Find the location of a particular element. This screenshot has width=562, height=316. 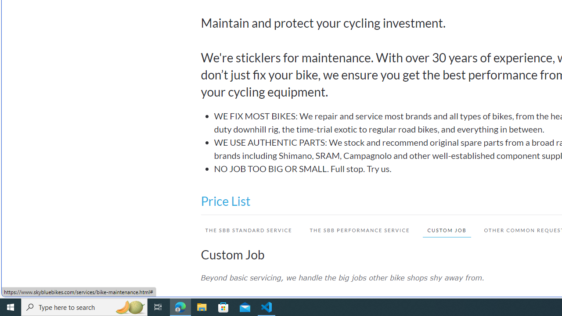

'THE SBB PERFORMANCE SERVICE' is located at coordinates (355, 230).